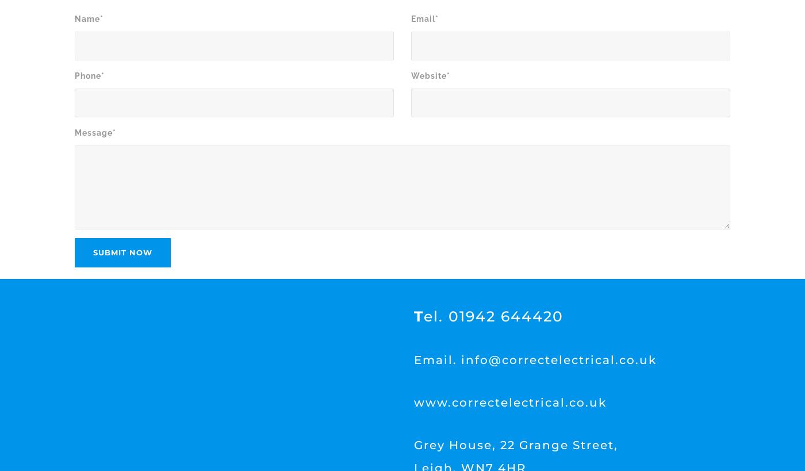 Image resolution: width=805 pixels, height=471 pixels. Describe the element at coordinates (89, 75) in the screenshot. I see `'Phone*'` at that location.